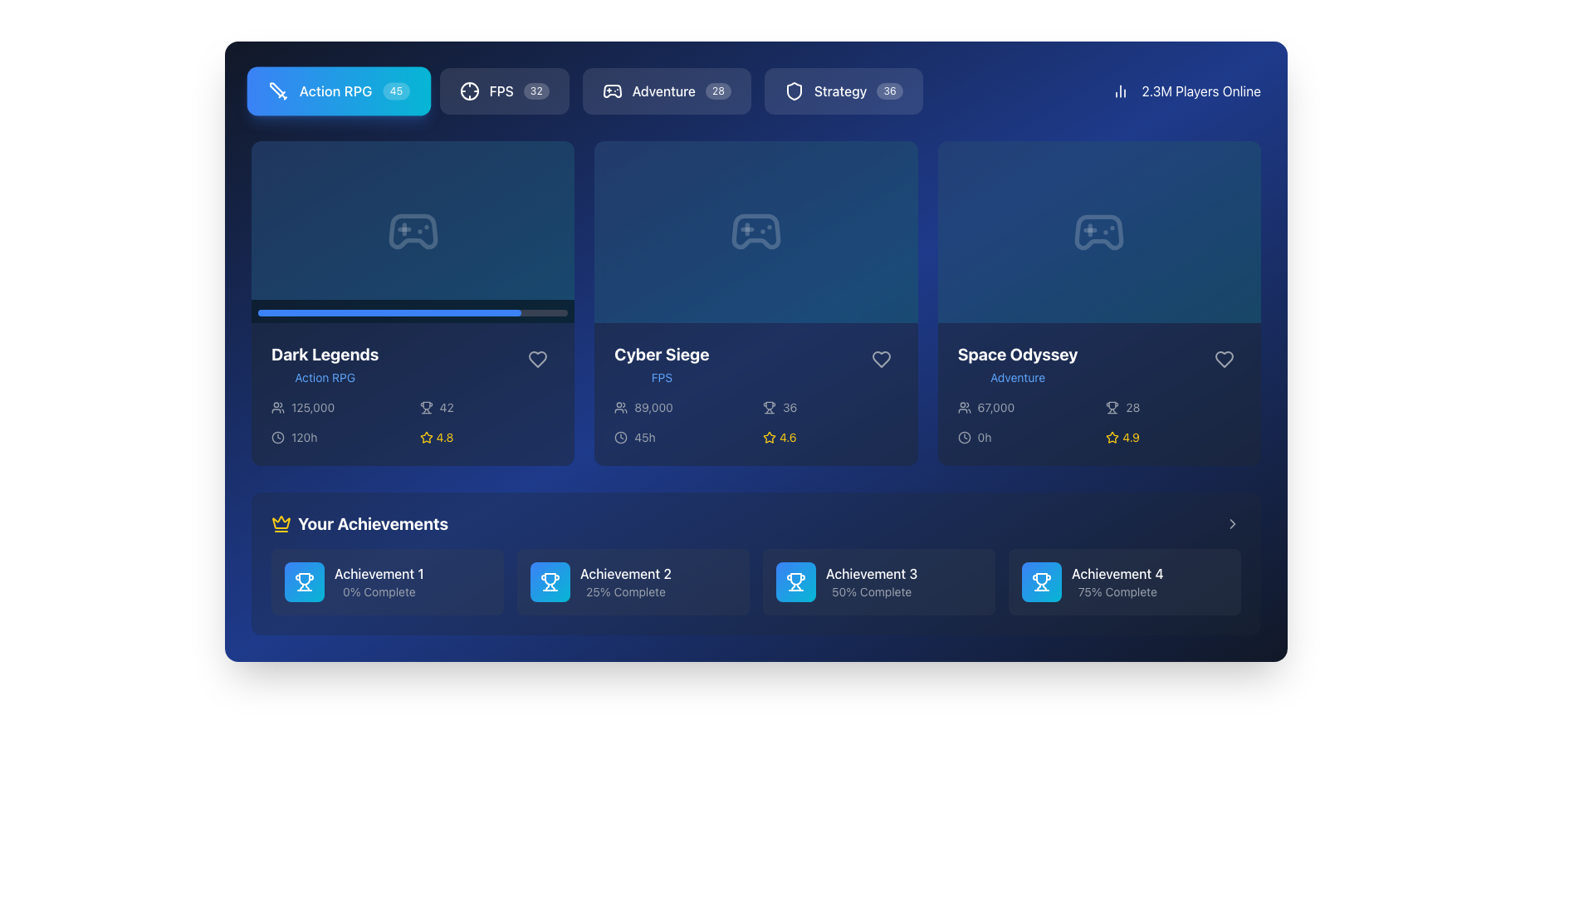  What do you see at coordinates (661, 364) in the screenshot?
I see `the label displaying 'Cyber Siege' in large, bold, white letters with 'FPS' in smaller, blue letters, located in the center of the second card from the left` at bounding box center [661, 364].